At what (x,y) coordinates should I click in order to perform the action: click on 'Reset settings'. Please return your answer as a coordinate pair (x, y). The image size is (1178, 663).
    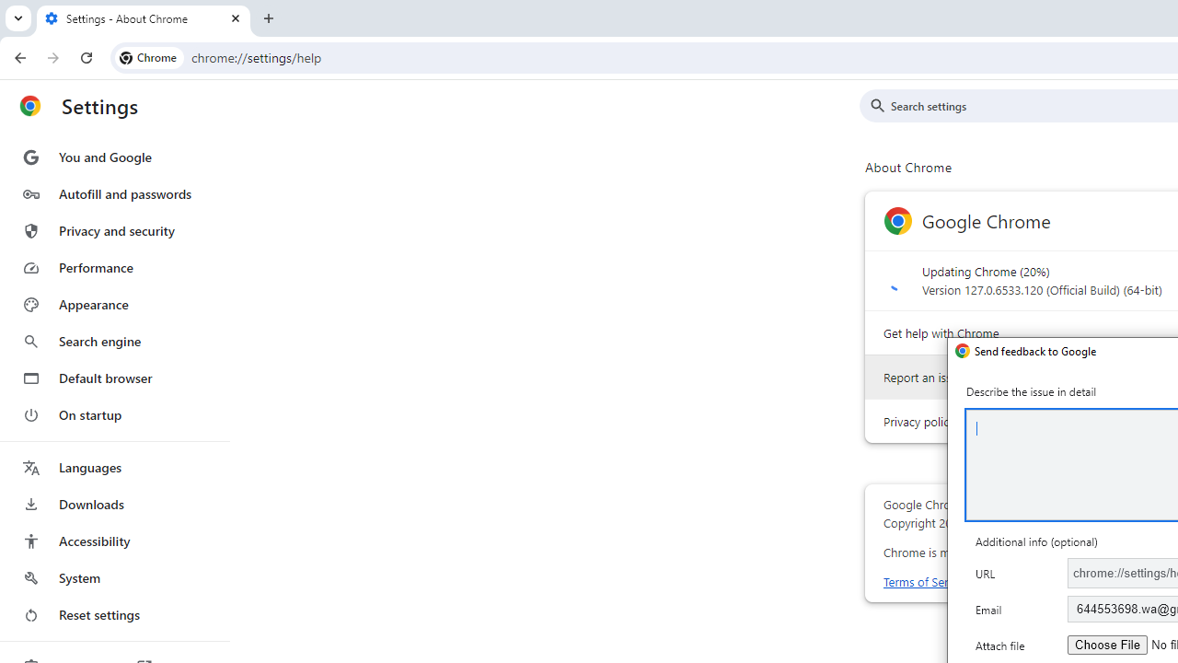
    Looking at the image, I should click on (113, 615).